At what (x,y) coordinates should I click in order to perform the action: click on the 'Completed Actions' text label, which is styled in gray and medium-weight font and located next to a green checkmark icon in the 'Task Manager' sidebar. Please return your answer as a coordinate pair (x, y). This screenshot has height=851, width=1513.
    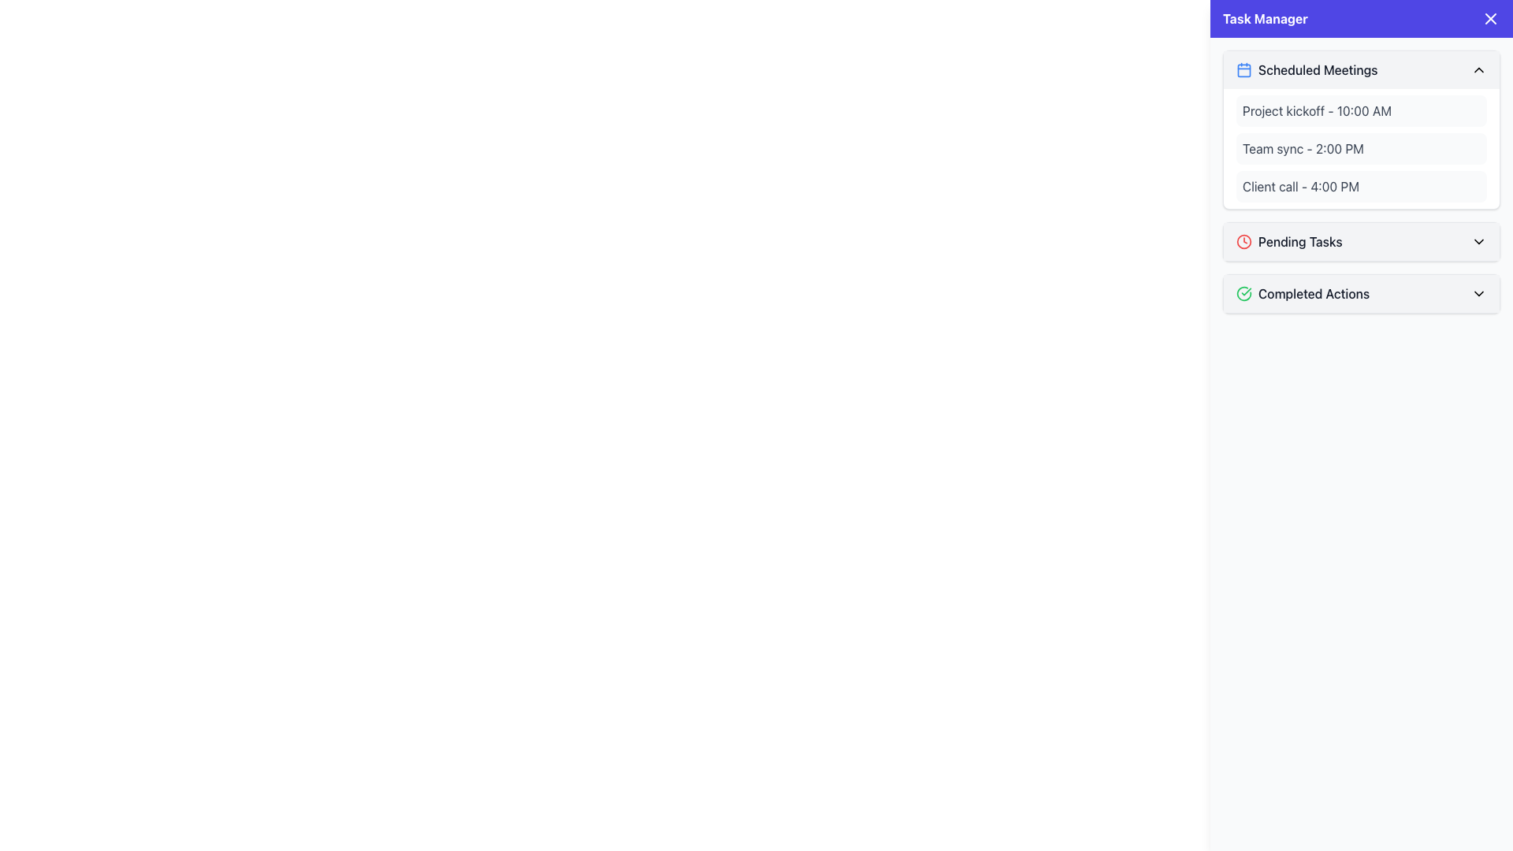
    Looking at the image, I should click on (1314, 294).